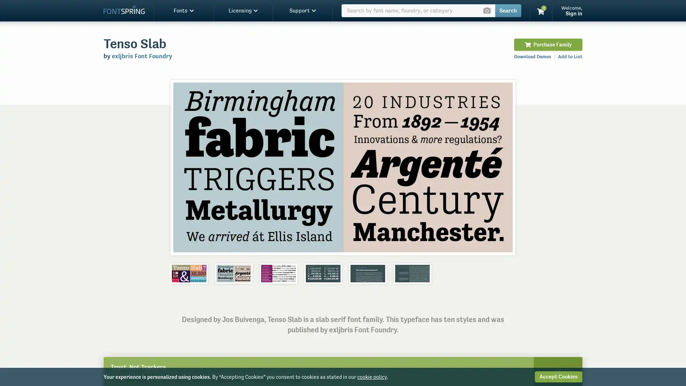 This screenshot has width=686, height=386. Describe the element at coordinates (533, 56) in the screenshot. I see `Download Demos` at that location.